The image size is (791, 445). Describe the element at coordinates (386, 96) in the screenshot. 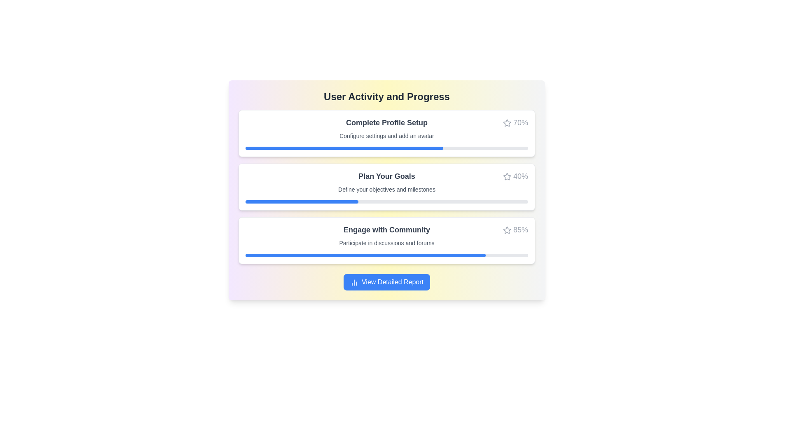

I see `the prominently displayed heading 'User Activity and Progress' at the top of the card-like section` at that location.